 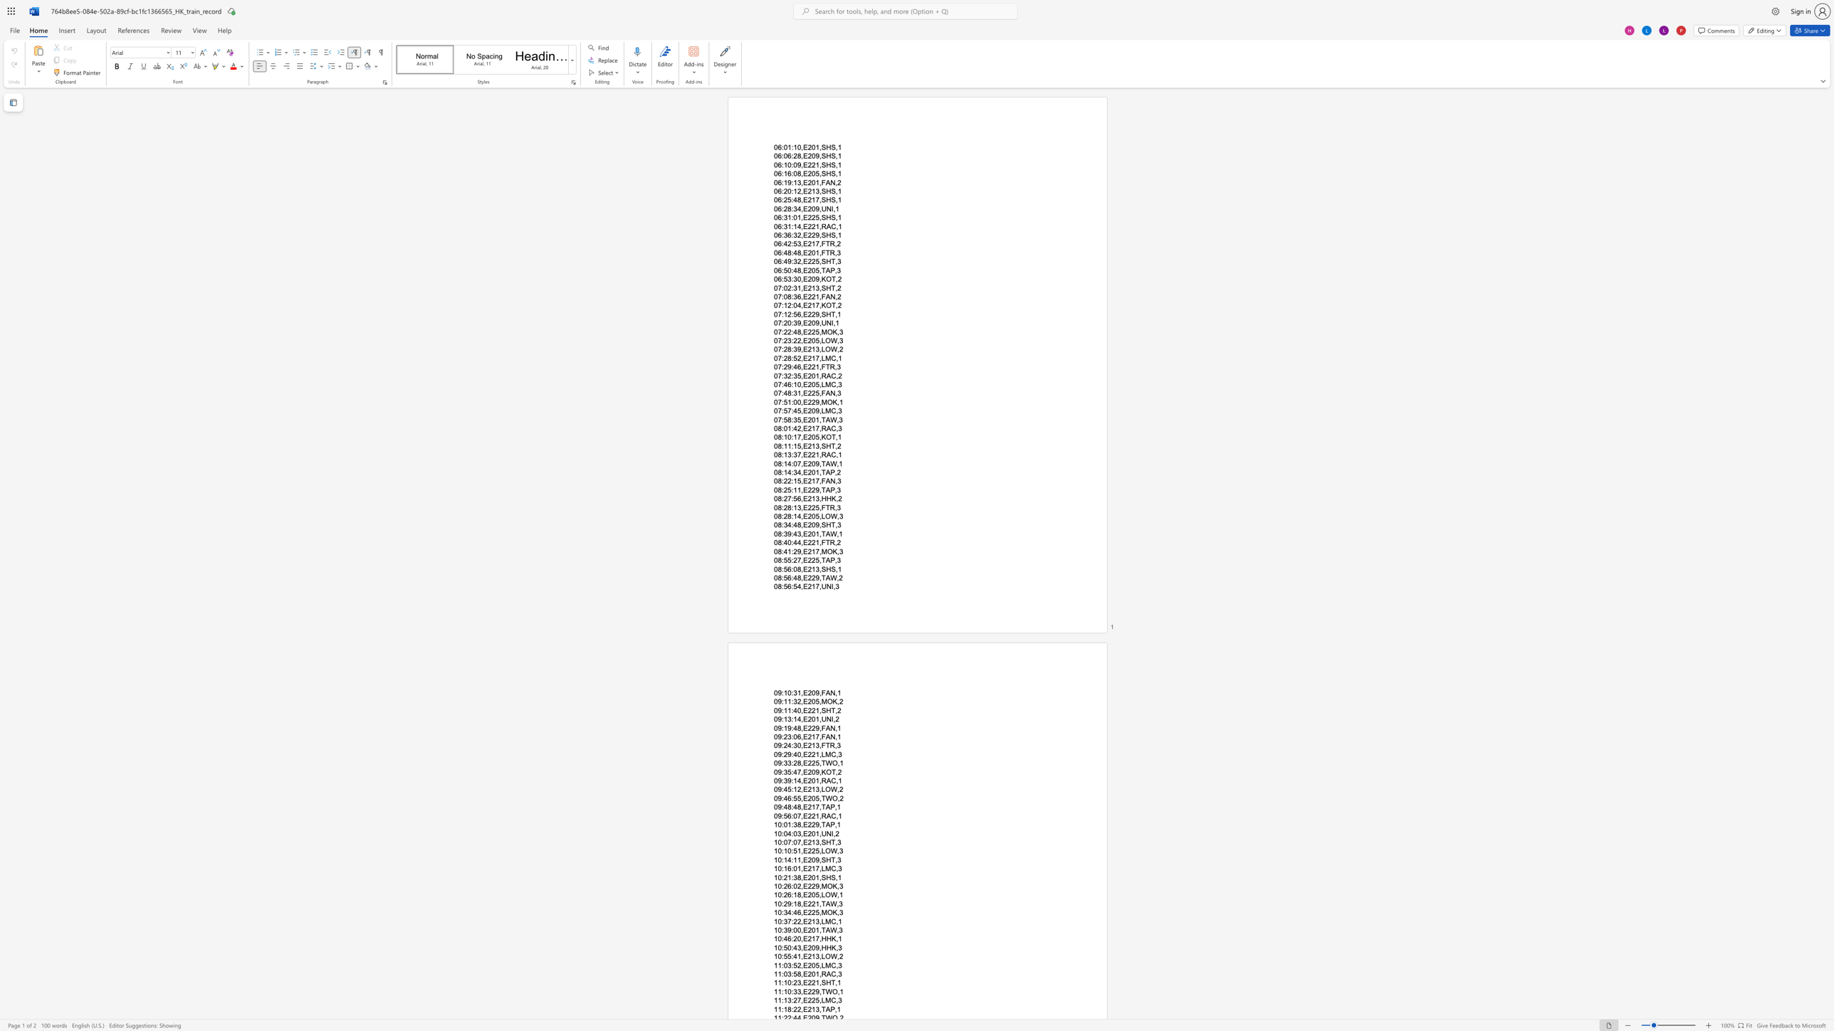 I want to click on the subset text "6:" within the text "08:56:48,E229,TAW,2", so click(x=787, y=578).